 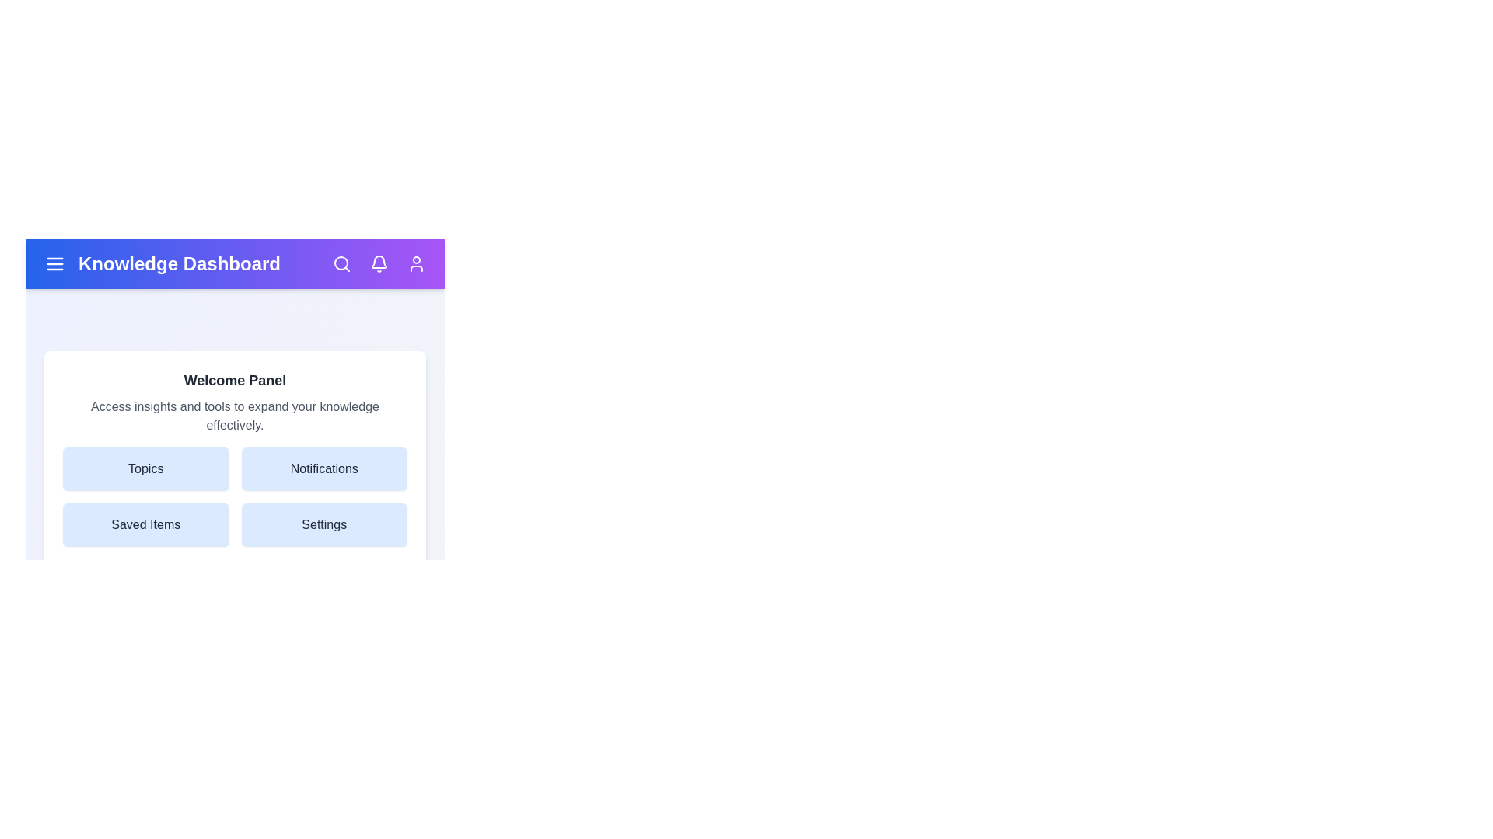 I want to click on the 'Notifications' button to view notifications, so click(x=323, y=468).